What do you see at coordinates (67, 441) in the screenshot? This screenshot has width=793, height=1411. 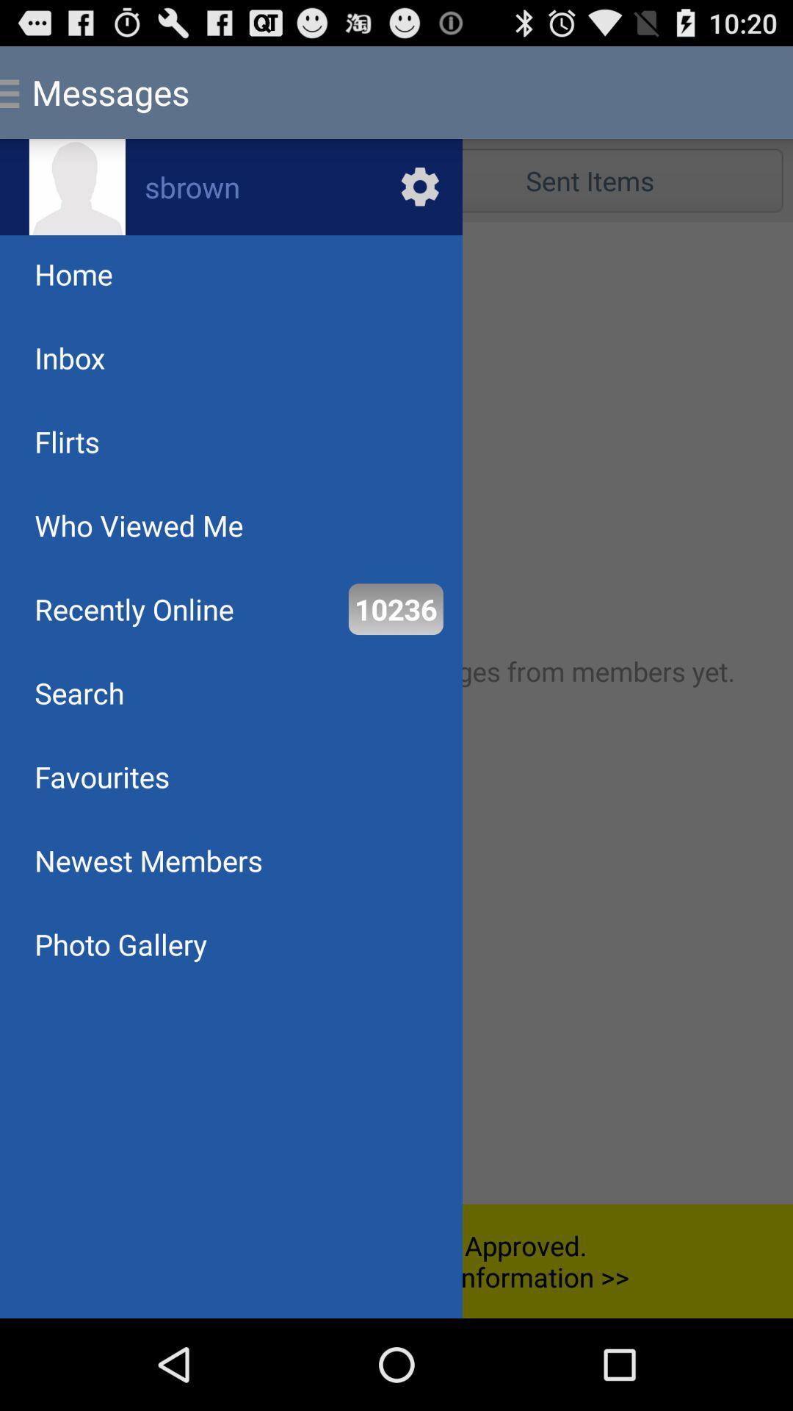 I see `flirts` at bounding box center [67, 441].